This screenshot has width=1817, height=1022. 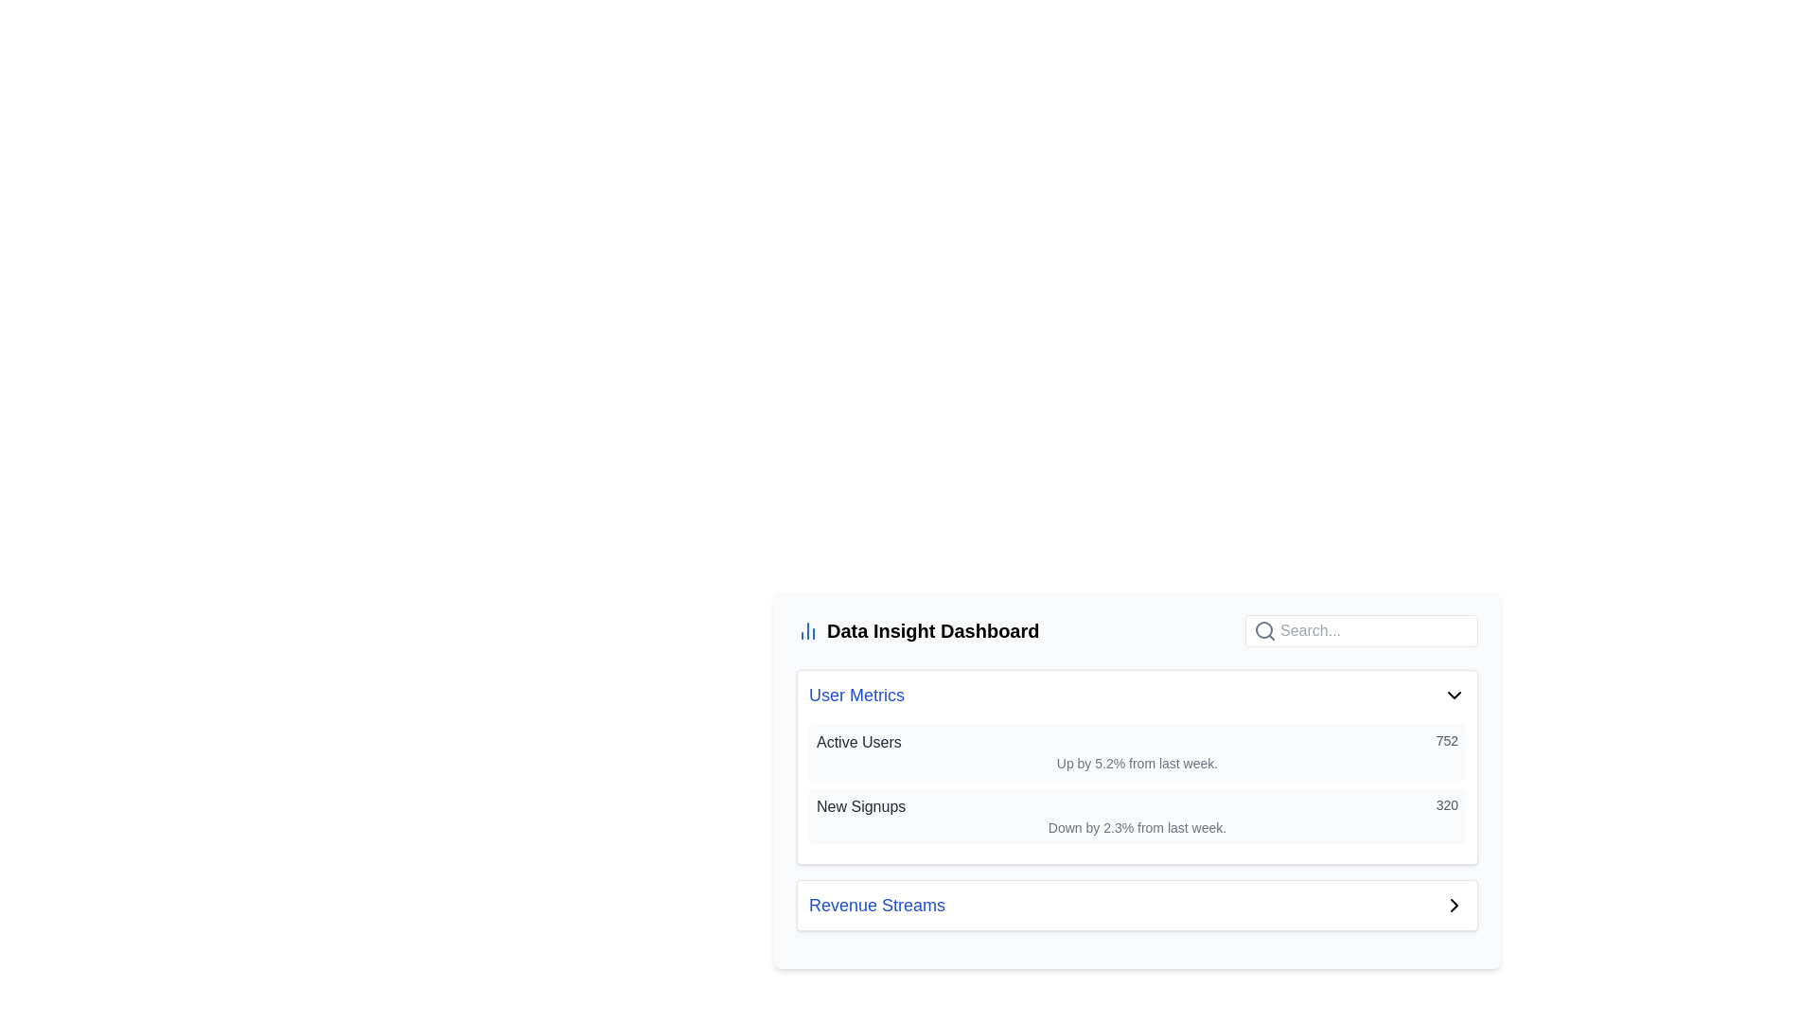 What do you see at coordinates (918, 631) in the screenshot?
I see `text of the 'Data Insight Dashboard' label with a blue bar chart icon, located in the upper left of the content section` at bounding box center [918, 631].